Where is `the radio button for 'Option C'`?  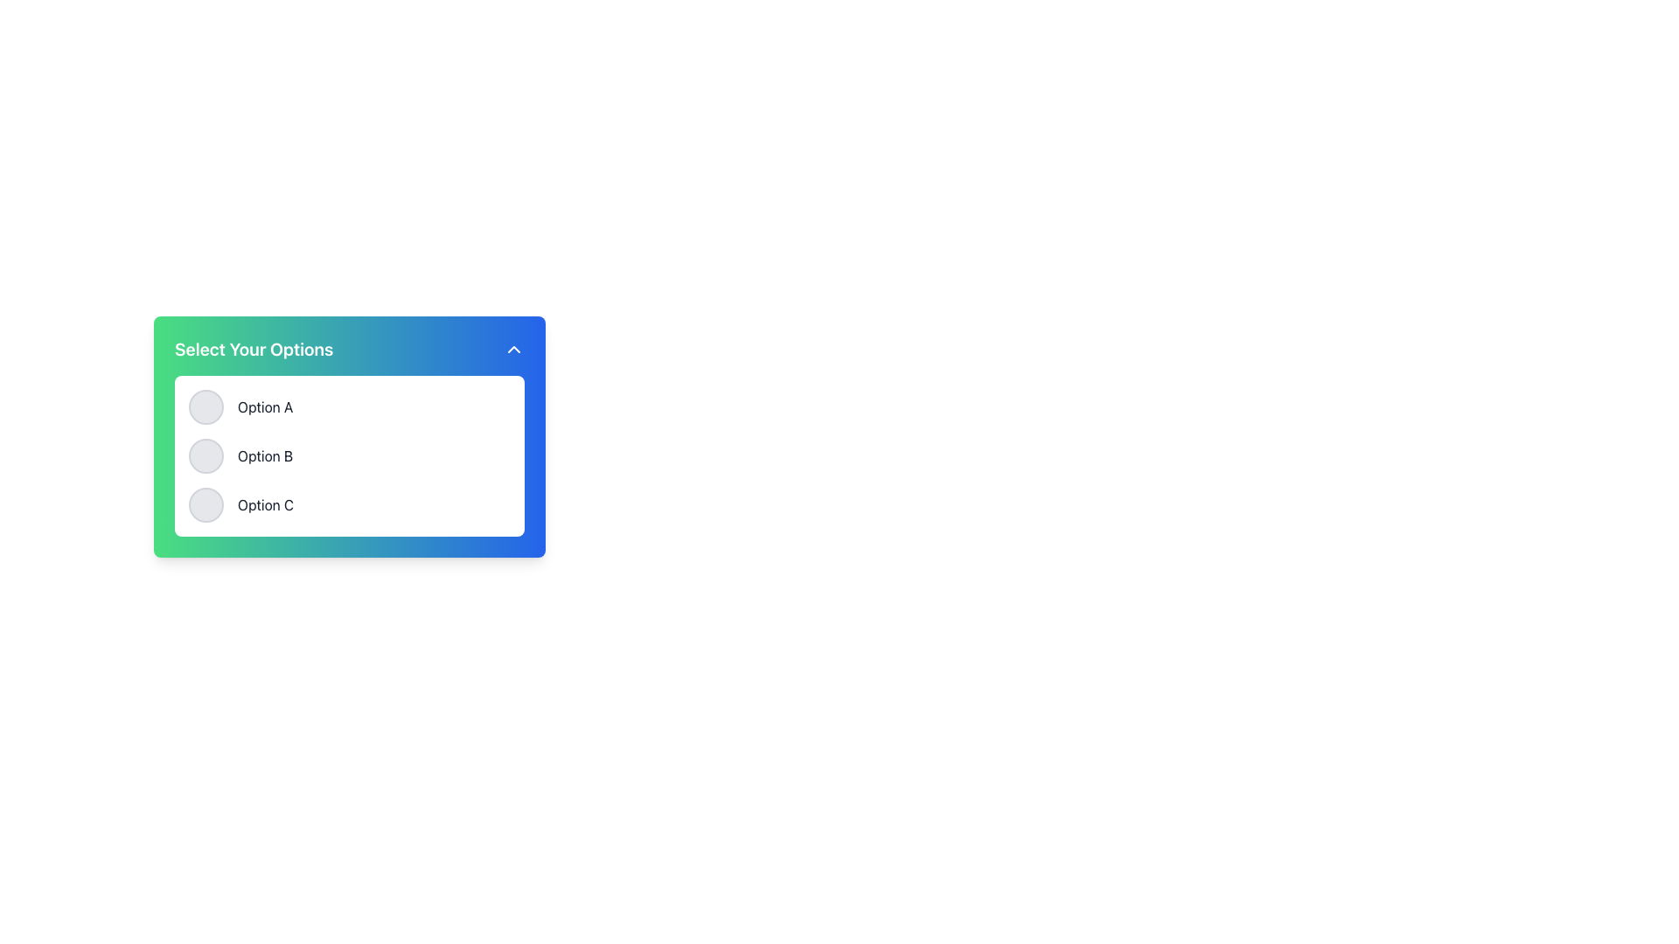
the radio button for 'Option C' is located at coordinates (206, 505).